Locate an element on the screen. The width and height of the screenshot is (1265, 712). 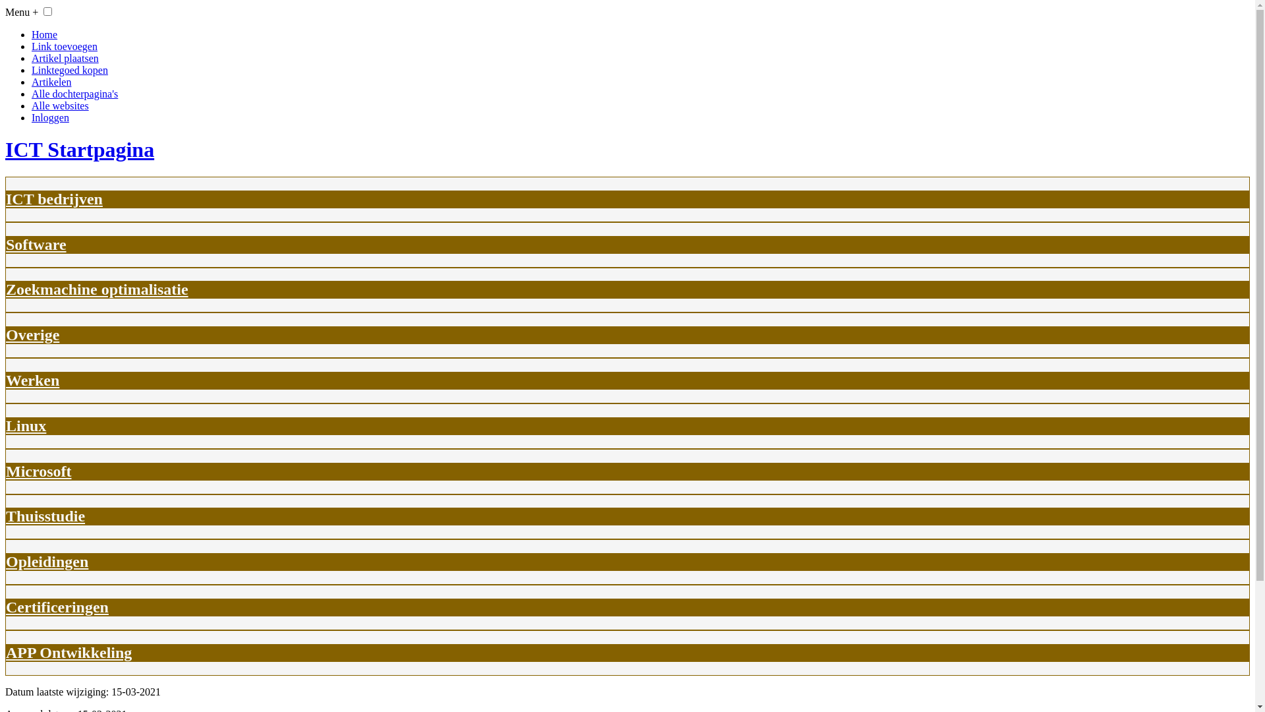
'Inloggen' is located at coordinates (50, 117).